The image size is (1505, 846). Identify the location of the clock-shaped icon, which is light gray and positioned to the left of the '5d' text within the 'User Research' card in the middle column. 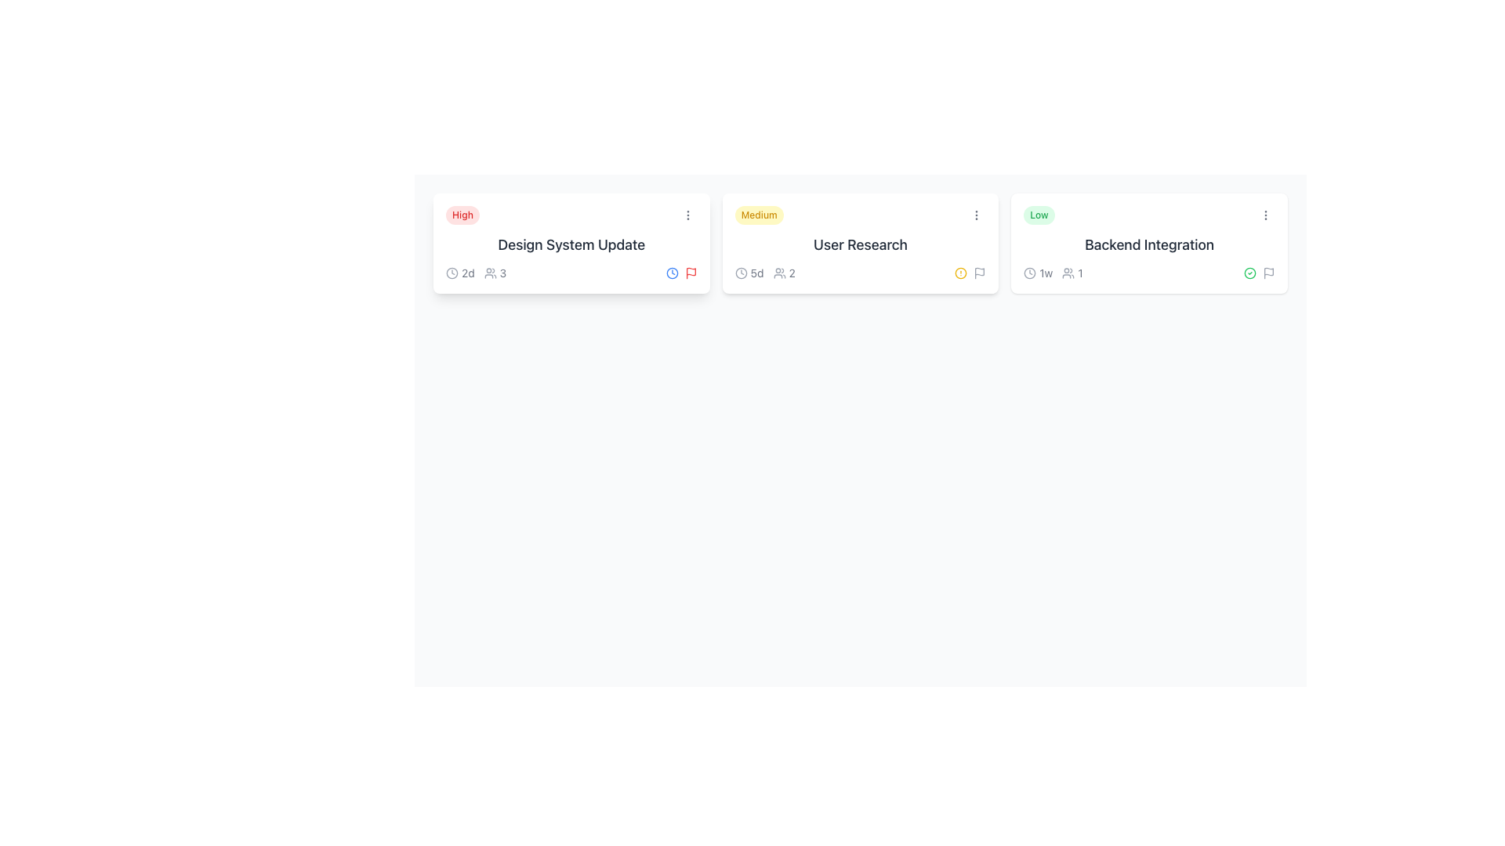
(740, 272).